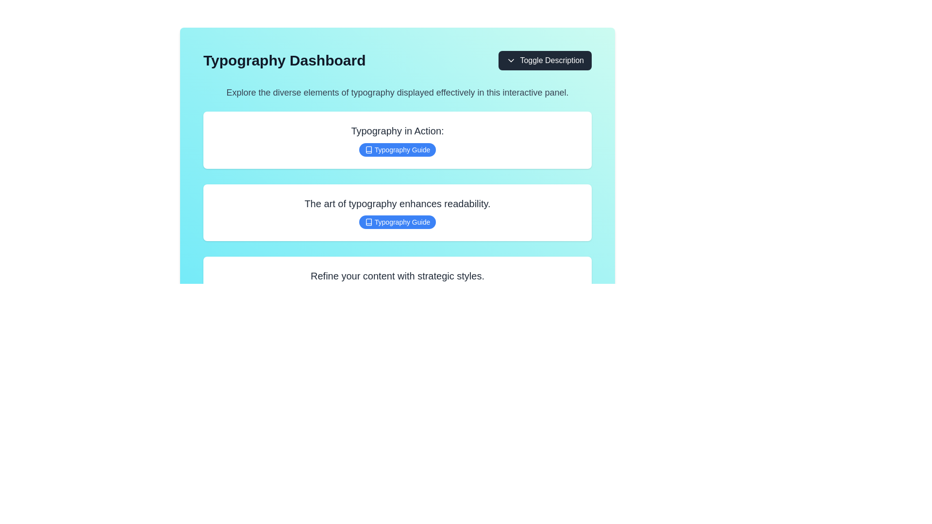 Image resolution: width=932 pixels, height=524 pixels. What do you see at coordinates (368, 149) in the screenshot?
I see `the decorative icon on the left side of the blue button labeled 'Typography Guide'` at bounding box center [368, 149].